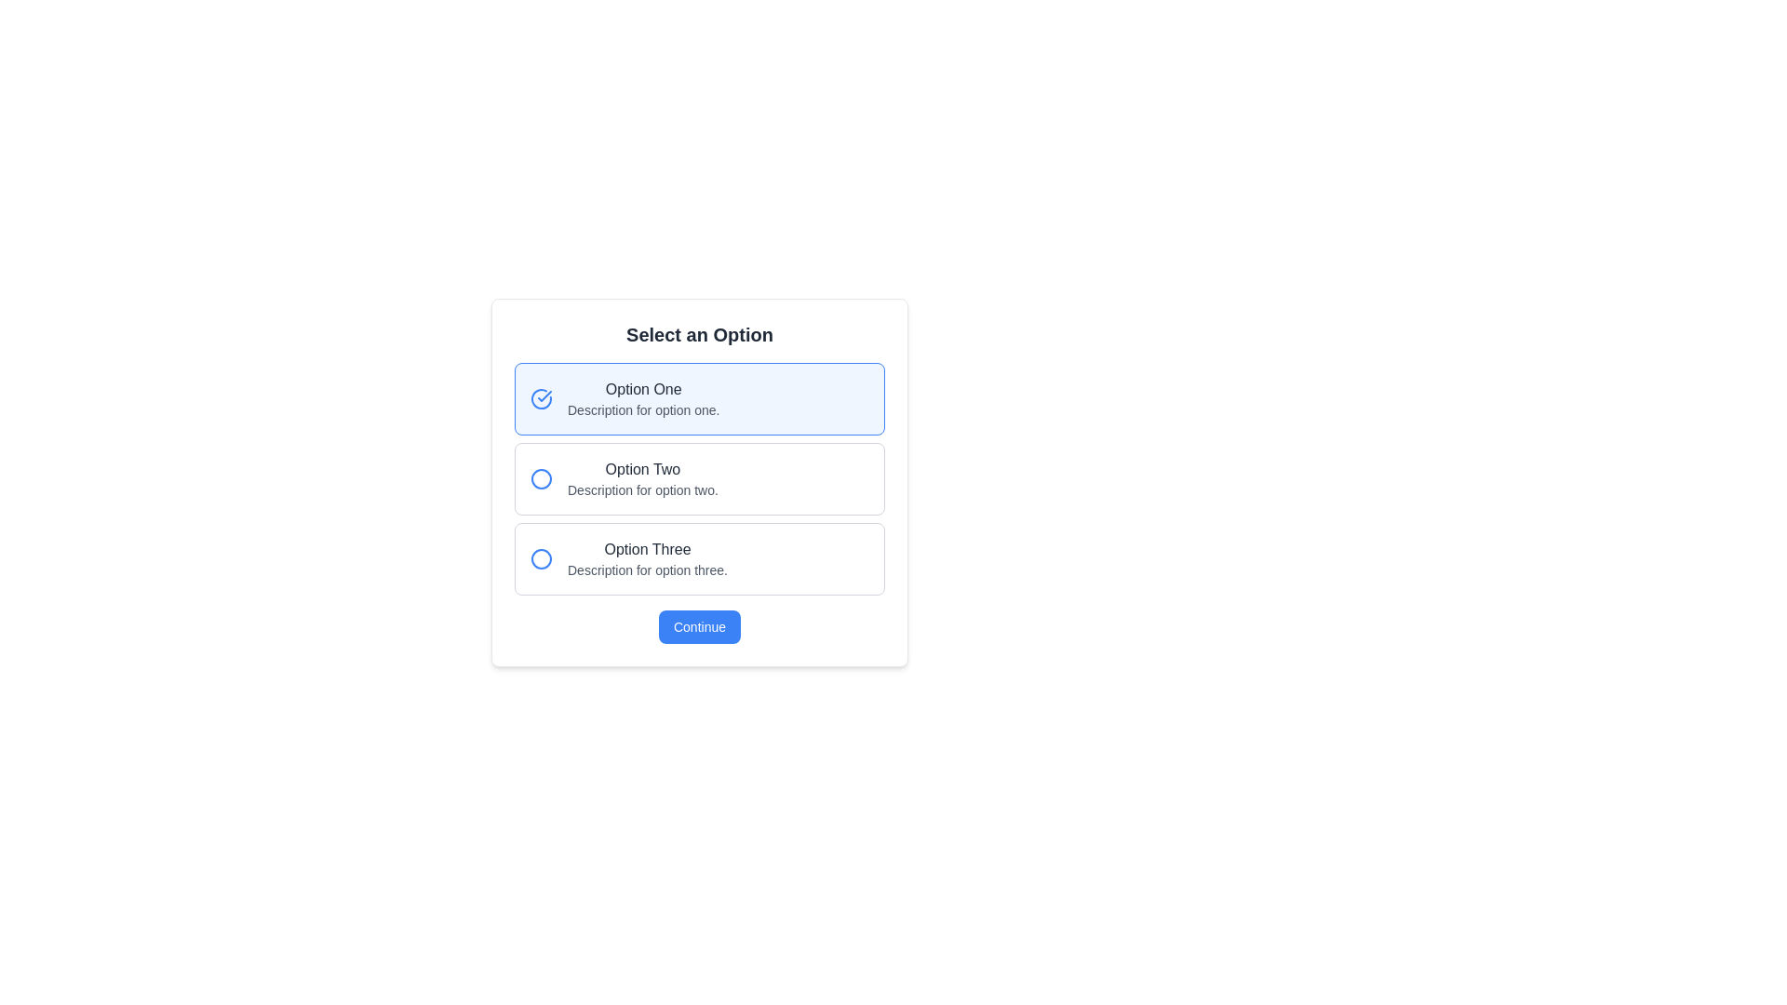 The image size is (1787, 1005). Describe the element at coordinates (540, 558) in the screenshot. I see `the blue circular icon located to the left of the text 'Option Three' in the third row of selectable options` at that location.